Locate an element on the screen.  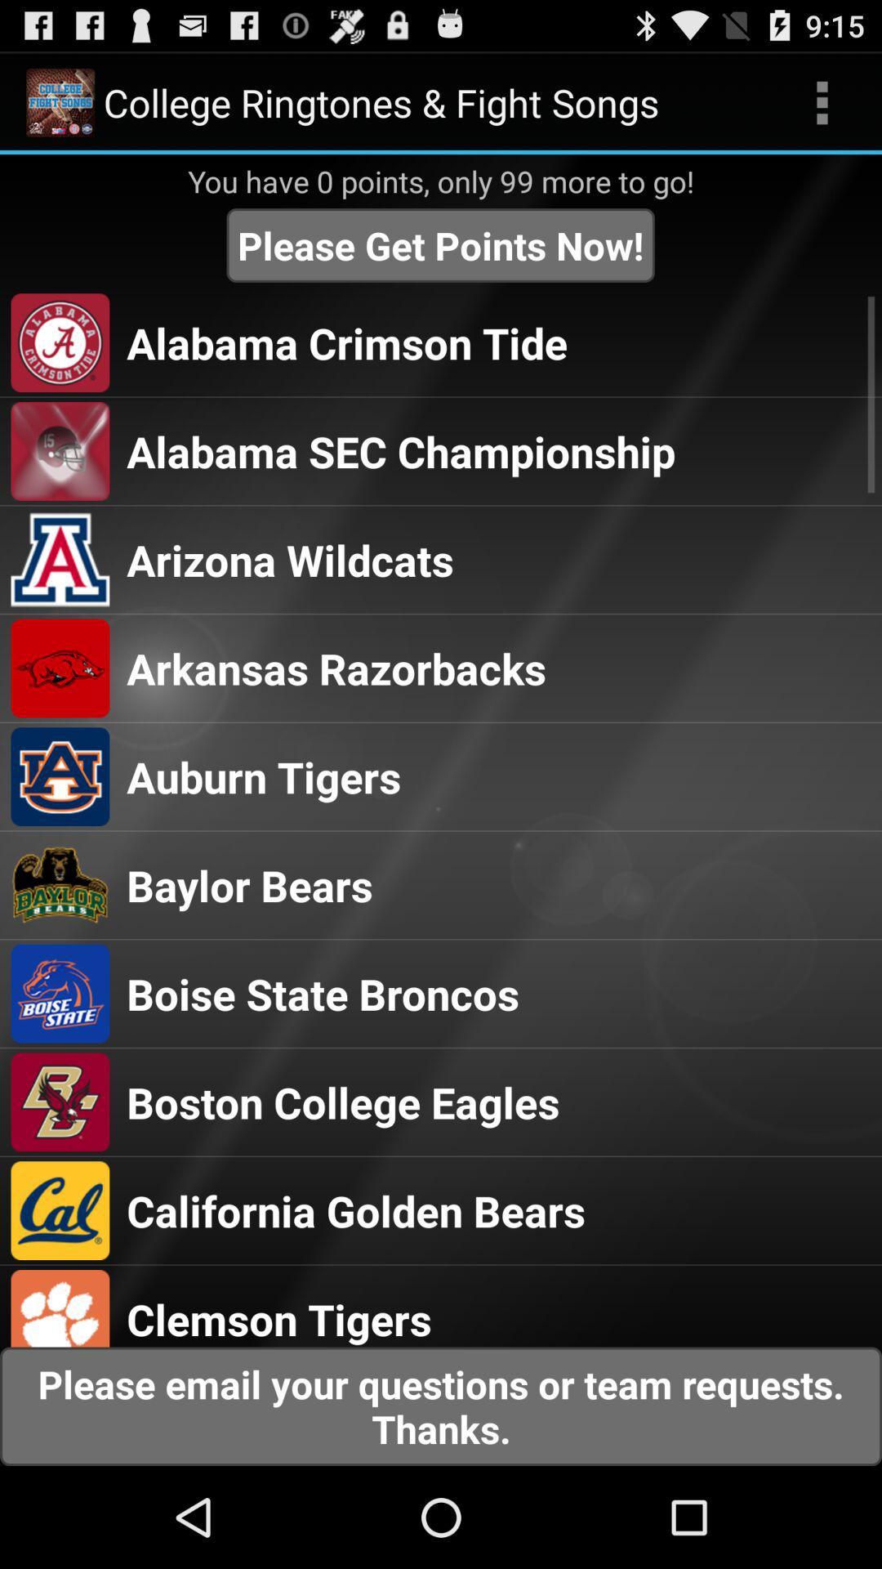
item above you have 0 item is located at coordinates (822, 101).